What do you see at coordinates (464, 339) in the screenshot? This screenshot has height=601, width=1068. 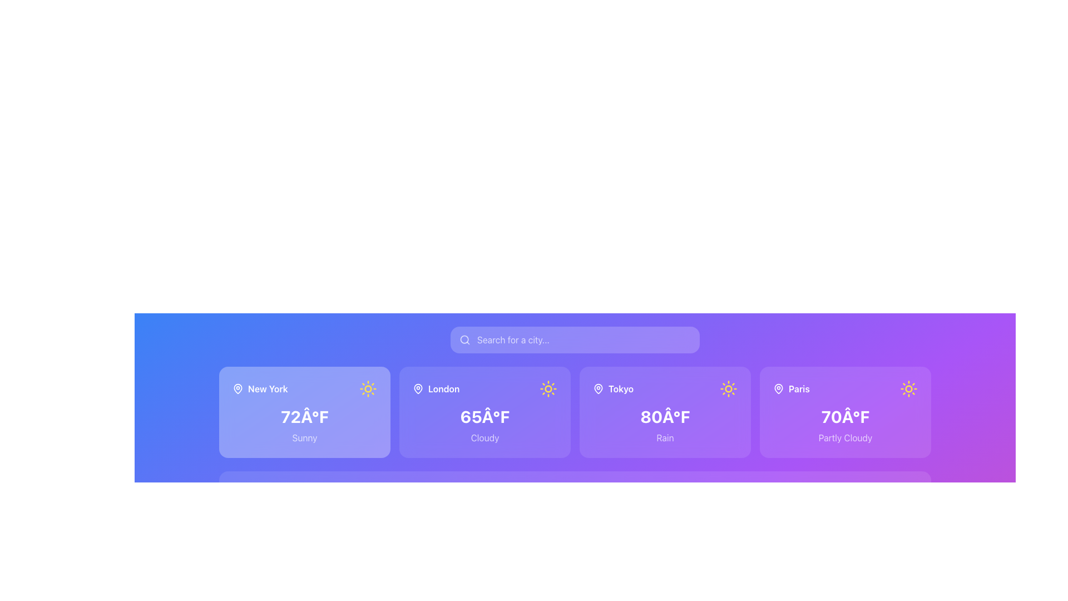 I see `the circular component of the magnifying glass in the search icon located within the rectangular search bar at the top center of the interface` at bounding box center [464, 339].